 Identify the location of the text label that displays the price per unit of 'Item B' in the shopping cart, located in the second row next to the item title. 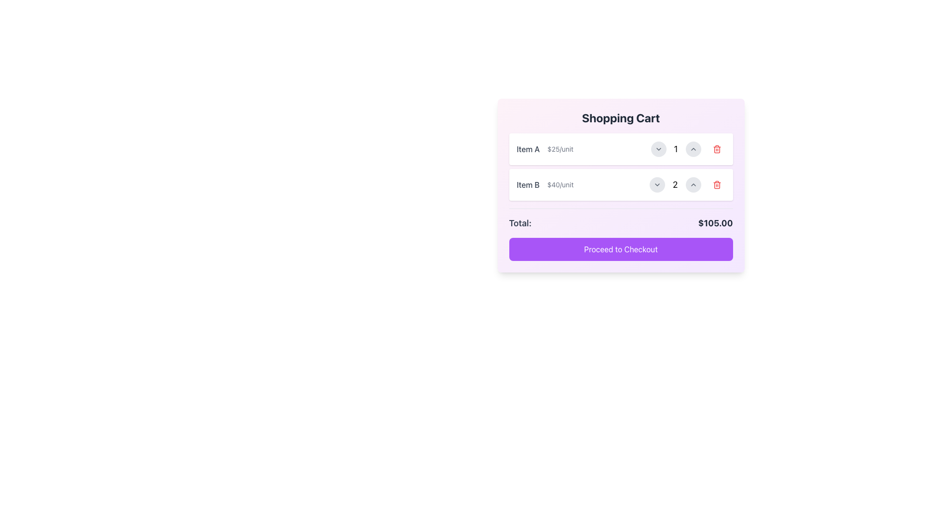
(560, 185).